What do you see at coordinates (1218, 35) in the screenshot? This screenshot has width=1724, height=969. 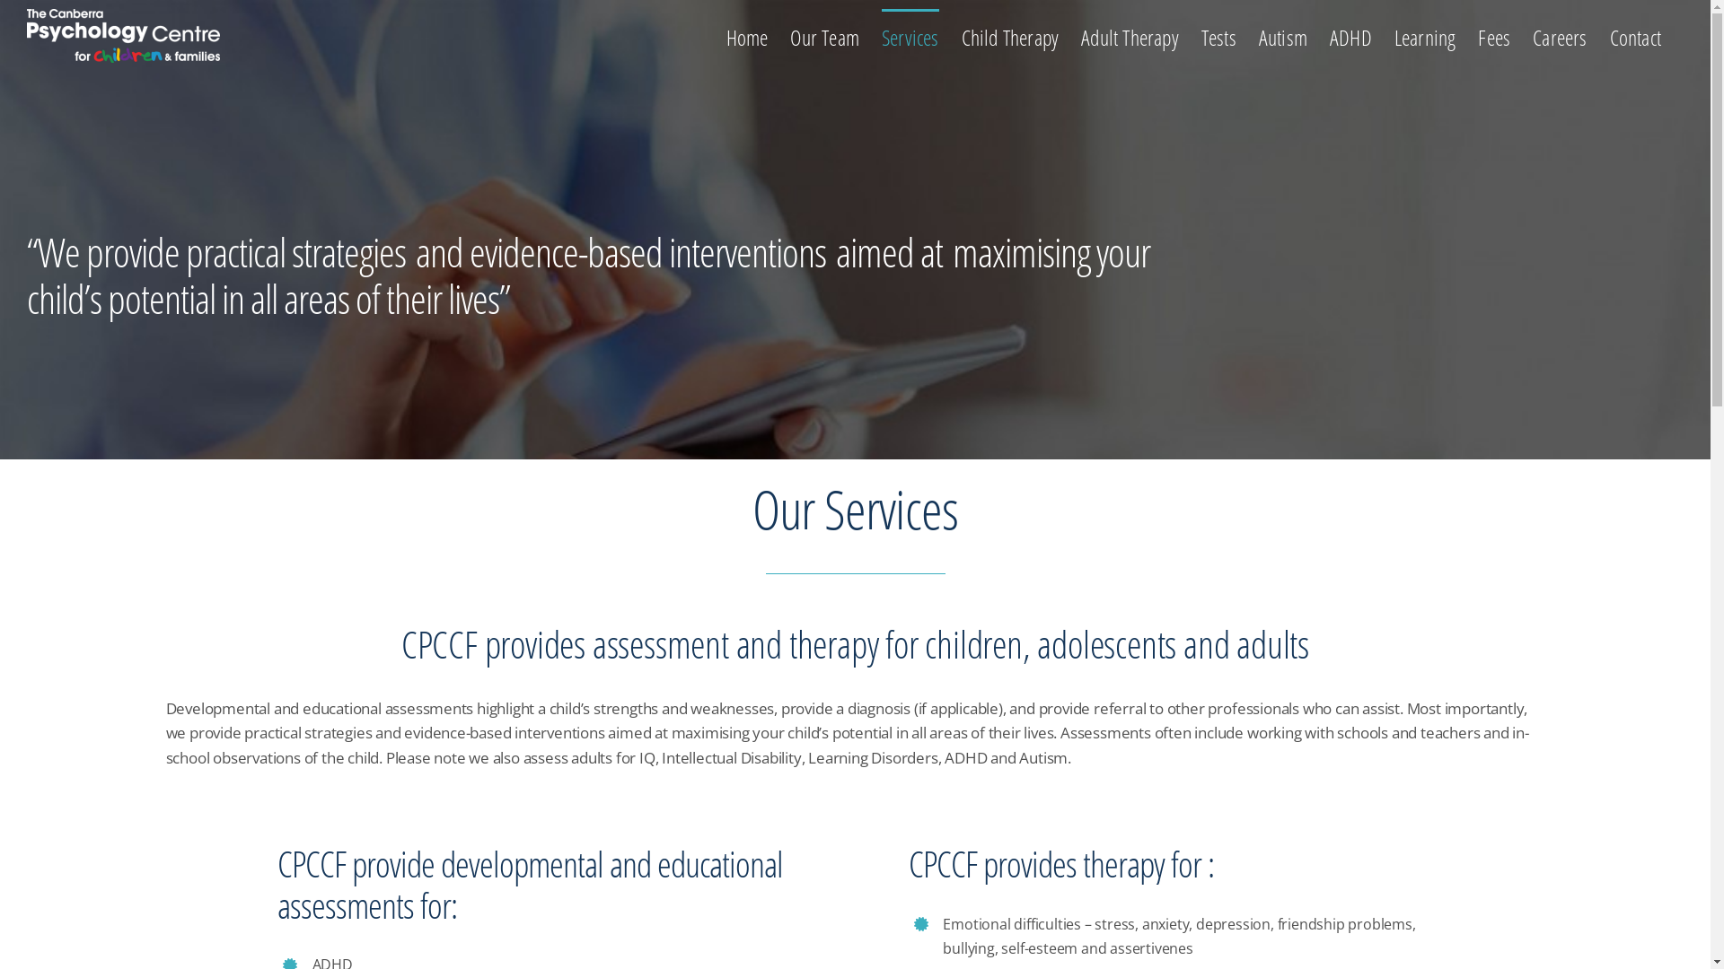 I see `'Tests'` at bounding box center [1218, 35].